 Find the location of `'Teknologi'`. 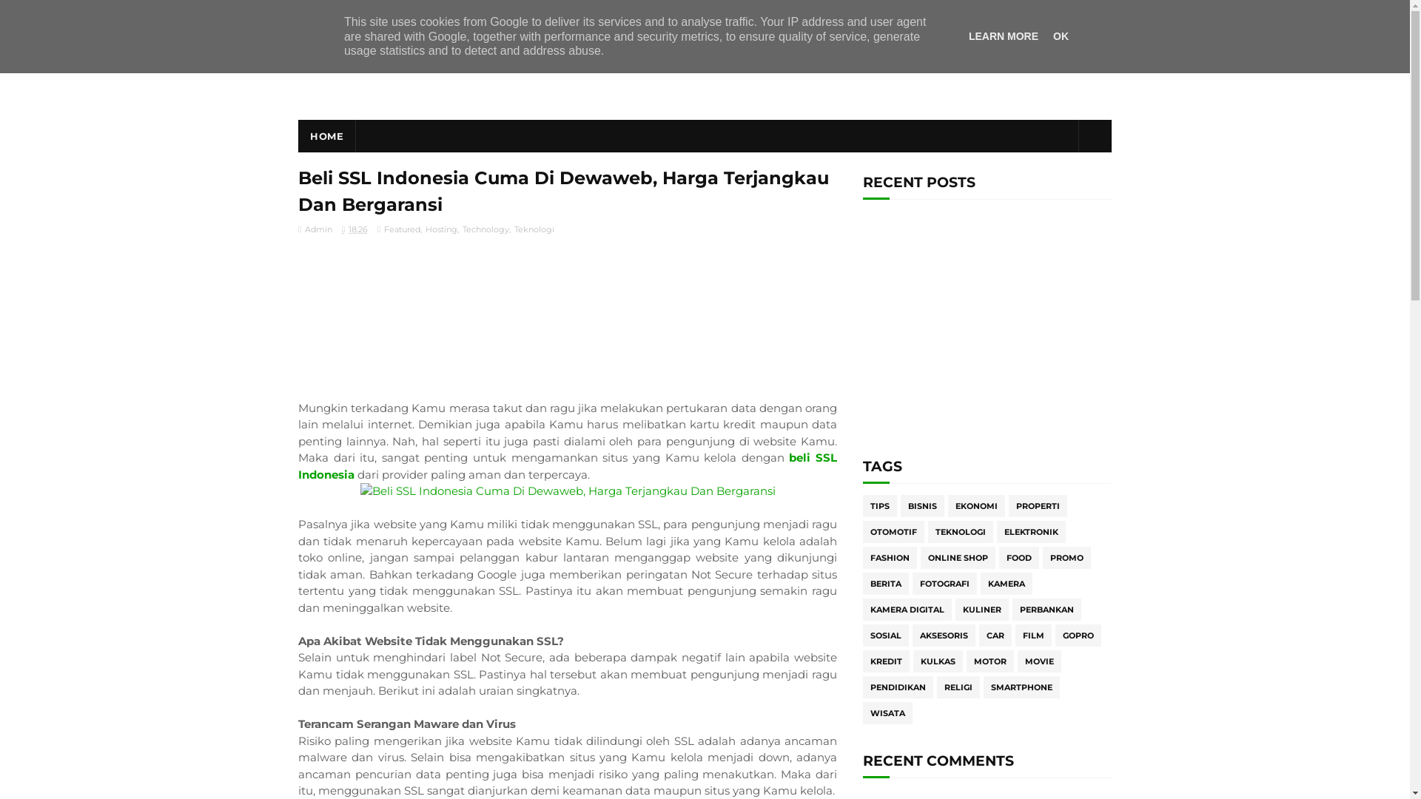

'Teknologi' is located at coordinates (533, 229).